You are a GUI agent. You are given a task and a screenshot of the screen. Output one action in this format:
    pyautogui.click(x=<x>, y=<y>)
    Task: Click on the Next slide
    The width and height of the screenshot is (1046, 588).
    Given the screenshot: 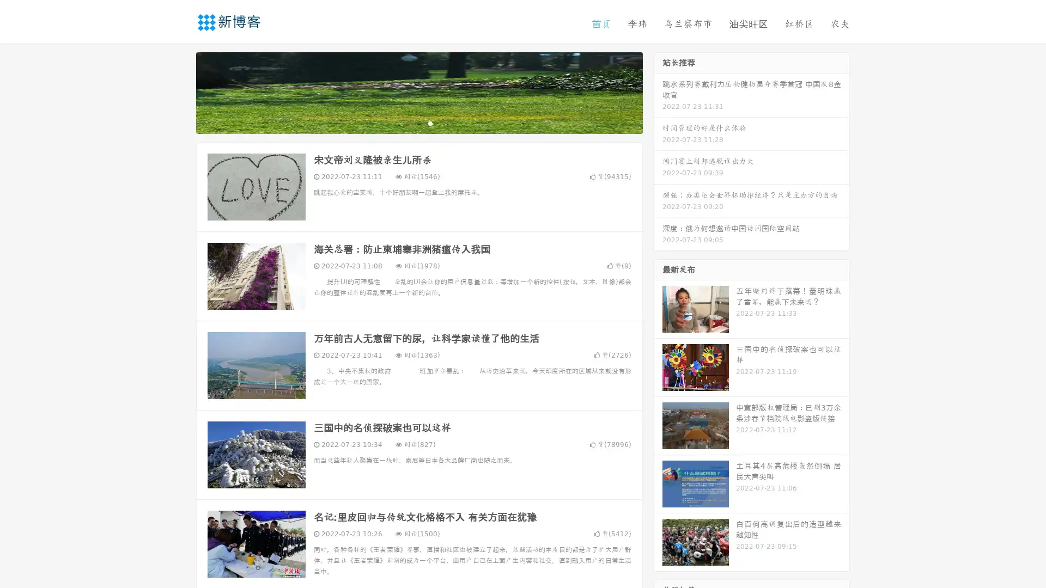 What is the action you would take?
    pyautogui.click(x=658, y=91)
    